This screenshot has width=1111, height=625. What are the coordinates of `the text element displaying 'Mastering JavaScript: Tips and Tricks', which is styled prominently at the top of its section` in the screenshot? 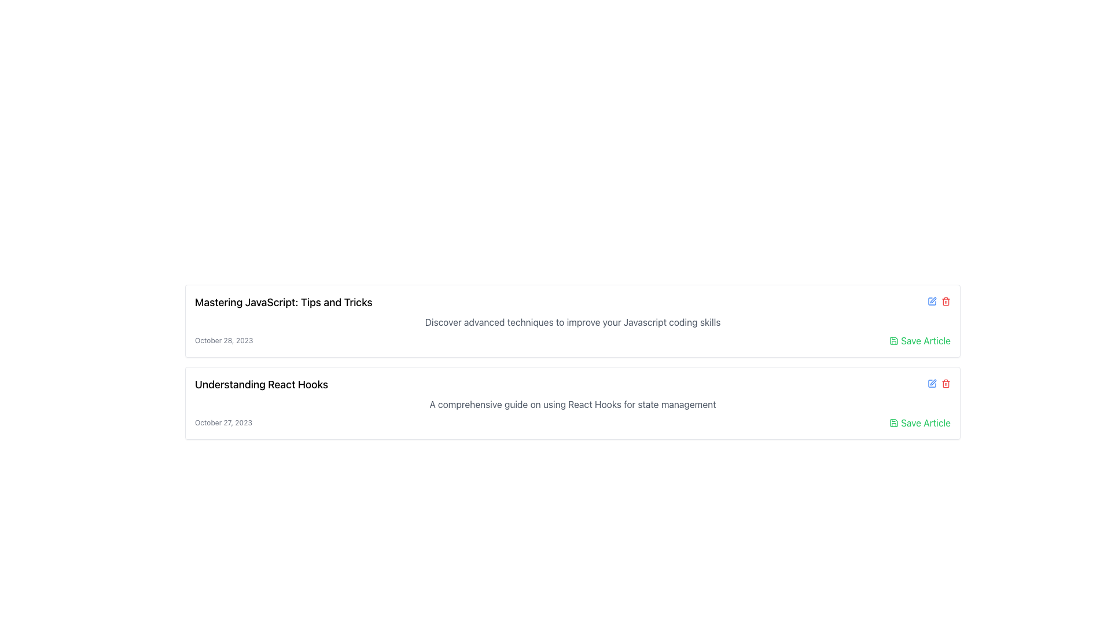 It's located at (284, 302).